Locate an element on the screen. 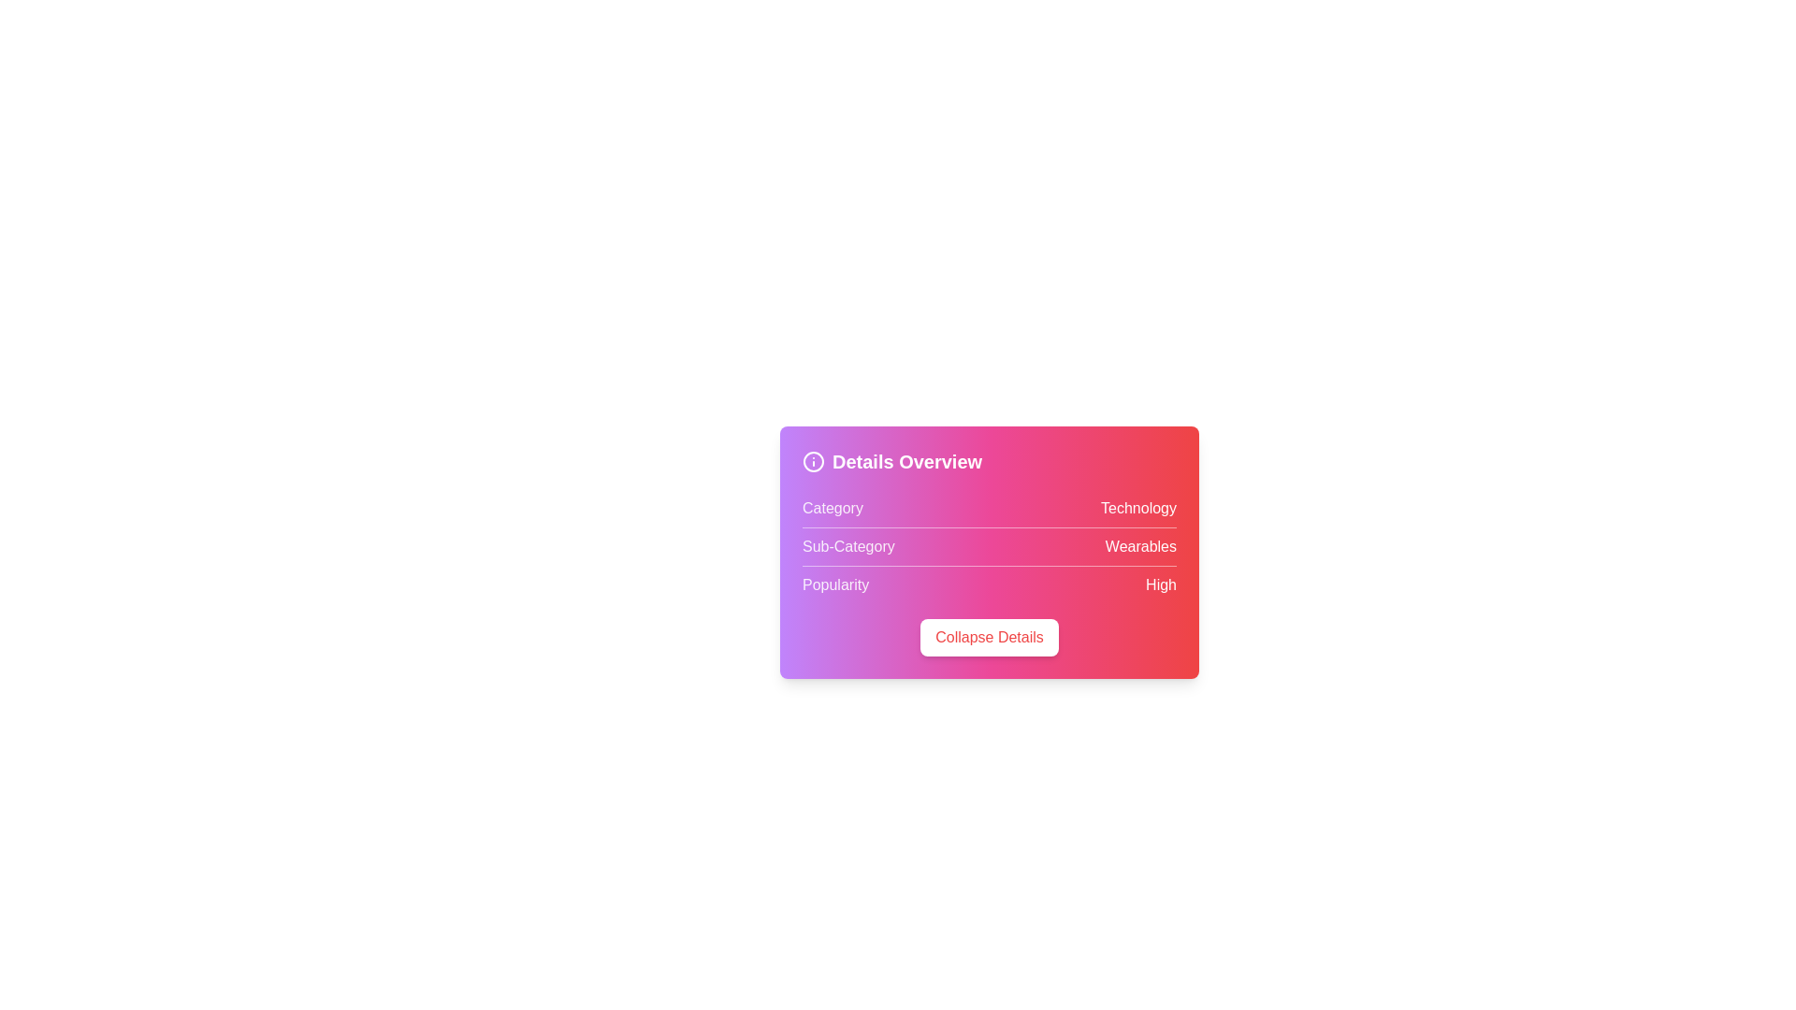 The height and width of the screenshot is (1010, 1796). the Text label that displays the category of an item, located on the right side of the 'Category' label under the 'Details Overview' header is located at coordinates (1137, 508).